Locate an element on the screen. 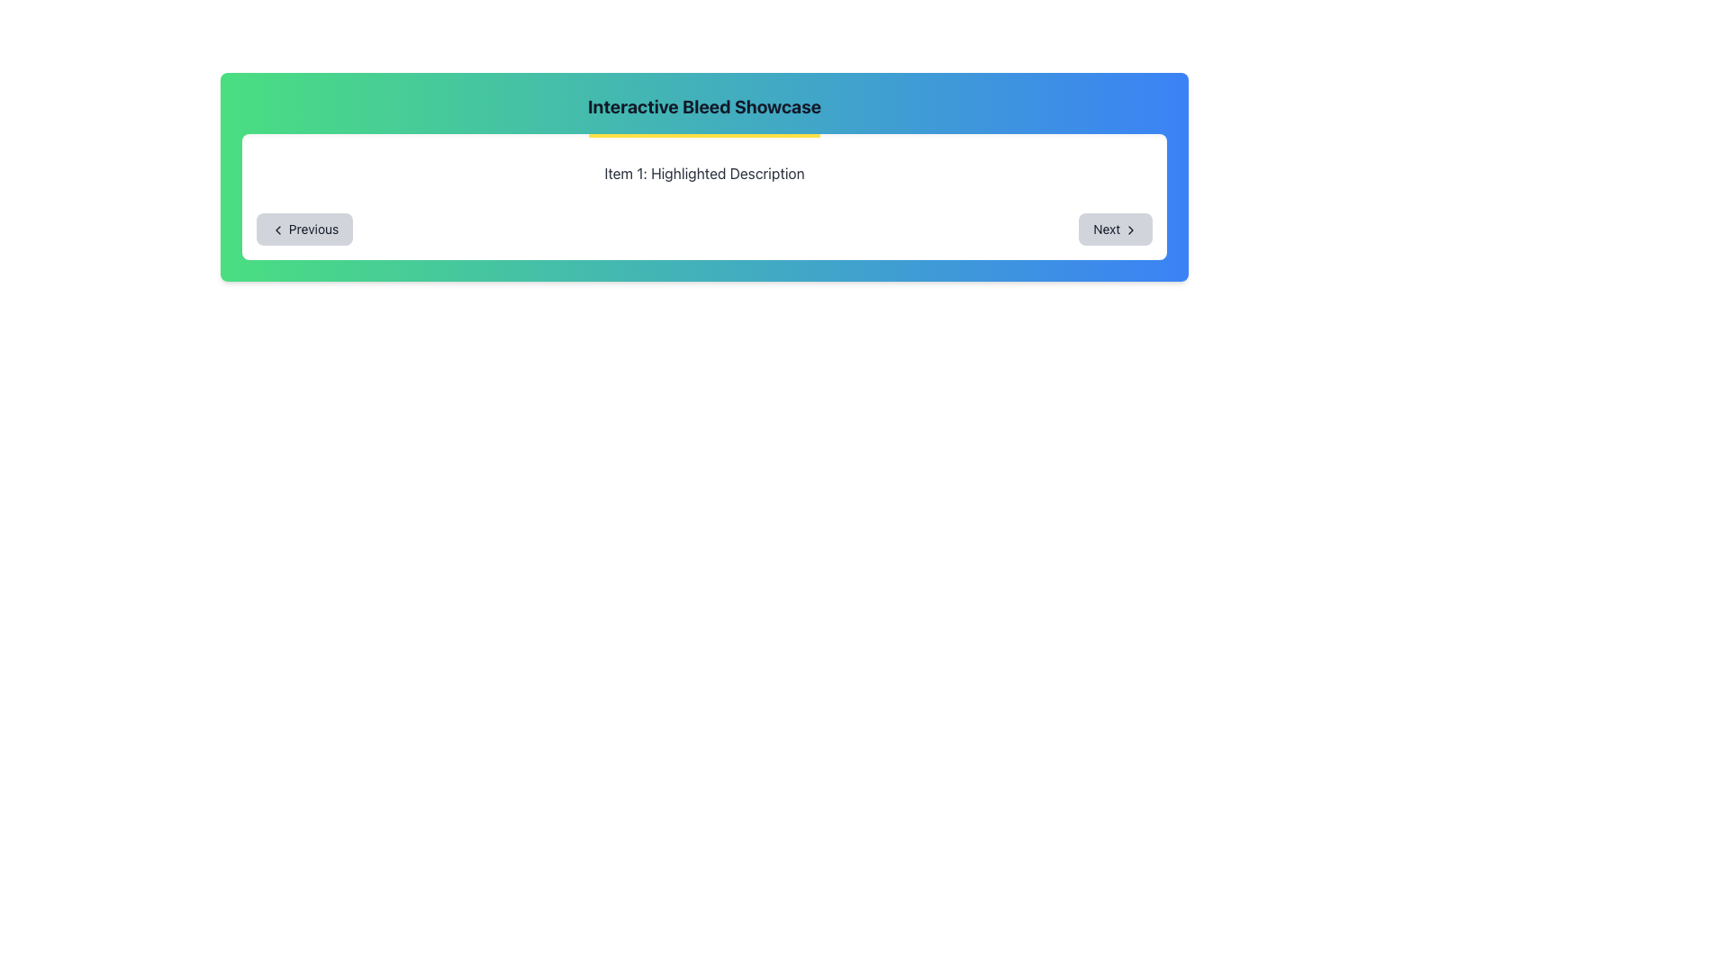 The image size is (1729, 972). the 'Previous' button located at the bottom-left of the navigation section is located at coordinates (304, 228).